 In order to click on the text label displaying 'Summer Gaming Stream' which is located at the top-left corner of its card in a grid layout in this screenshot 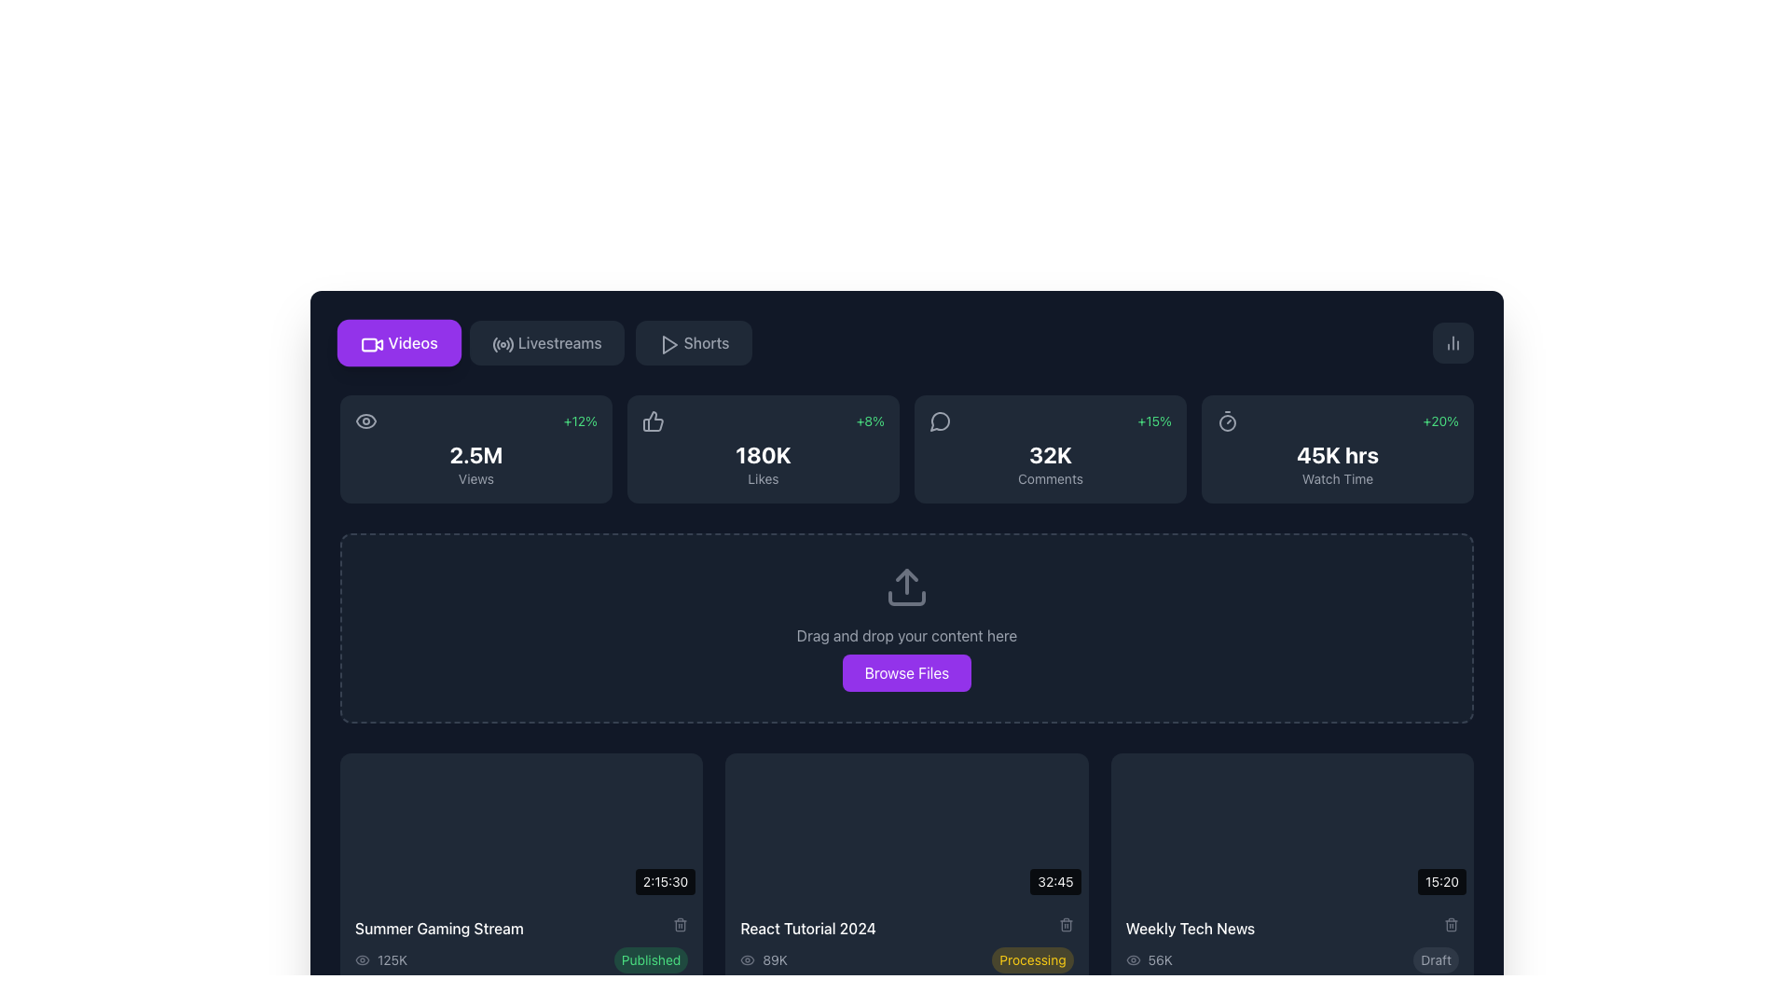, I will do `click(521, 928)`.